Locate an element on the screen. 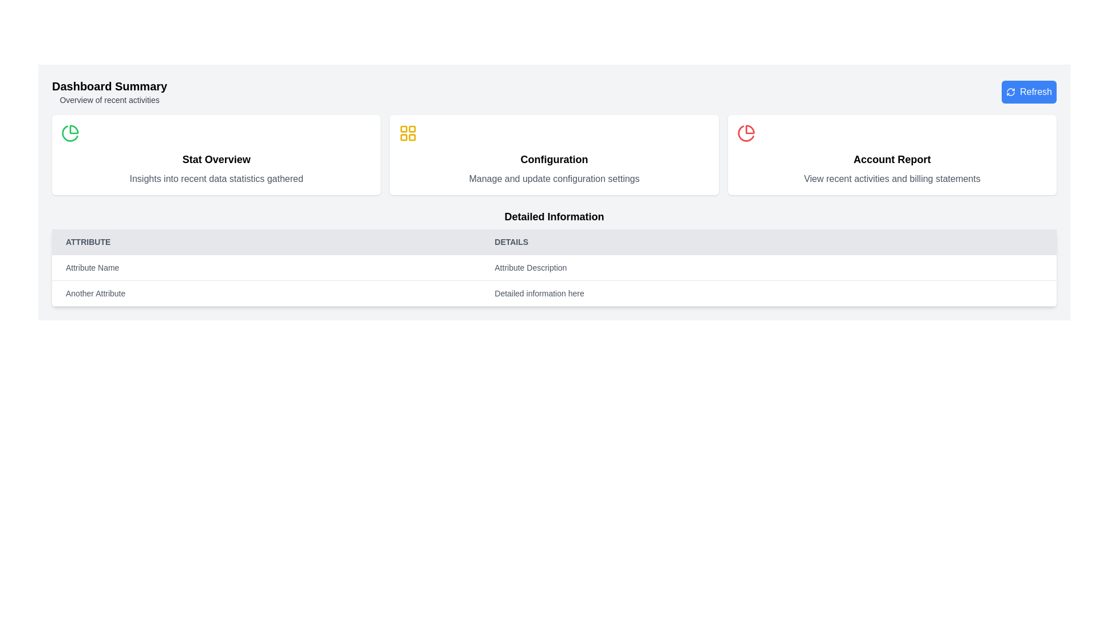 The height and width of the screenshot is (618, 1099). descriptive text element located beneath the title 'Account Report' in the Dashboard Summary section of the card layout, which outlines monitoring recent activities and billing statements is located at coordinates (891, 179).